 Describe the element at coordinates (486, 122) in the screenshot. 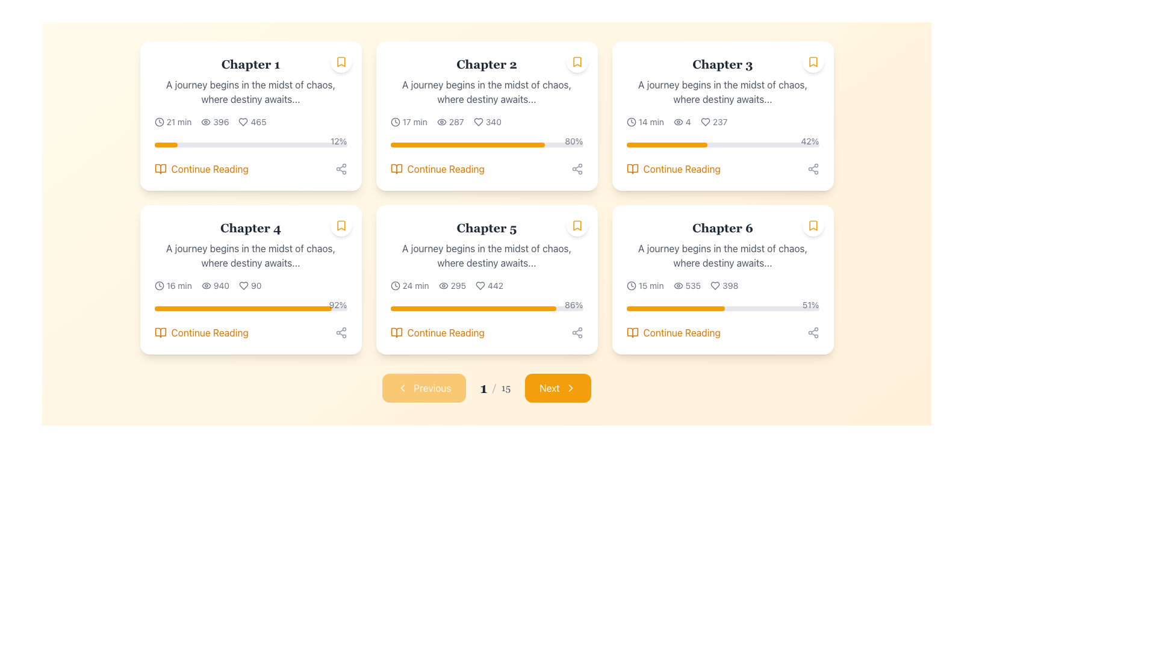

I see `the data display icons in the Chapter 2 section` at that location.